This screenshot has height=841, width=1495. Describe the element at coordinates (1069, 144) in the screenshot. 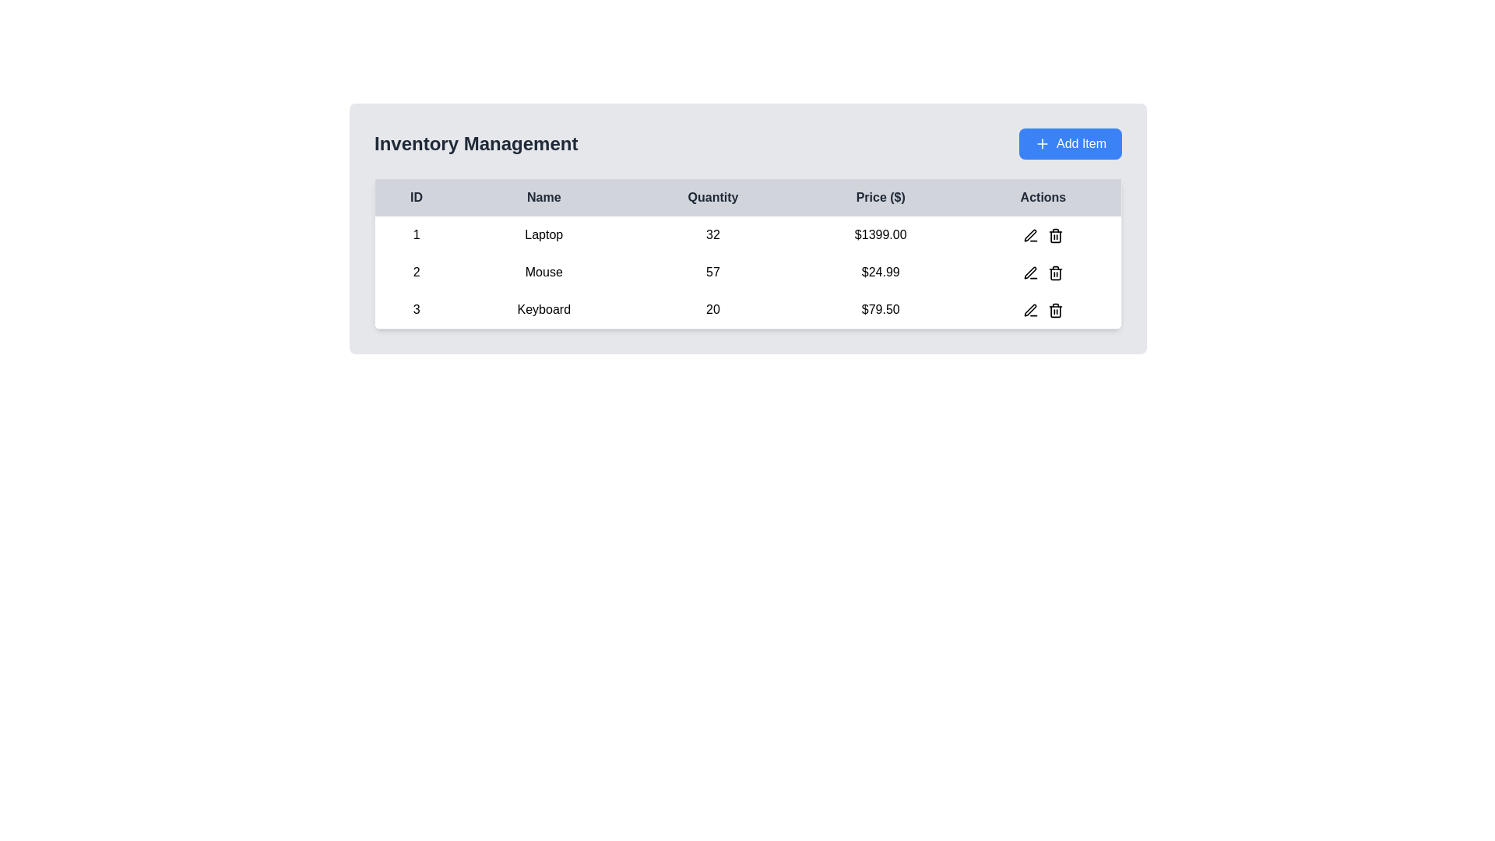

I see `the '+' icon on the blue 'Add Item' button located on the far right of the inventory management header section` at that location.